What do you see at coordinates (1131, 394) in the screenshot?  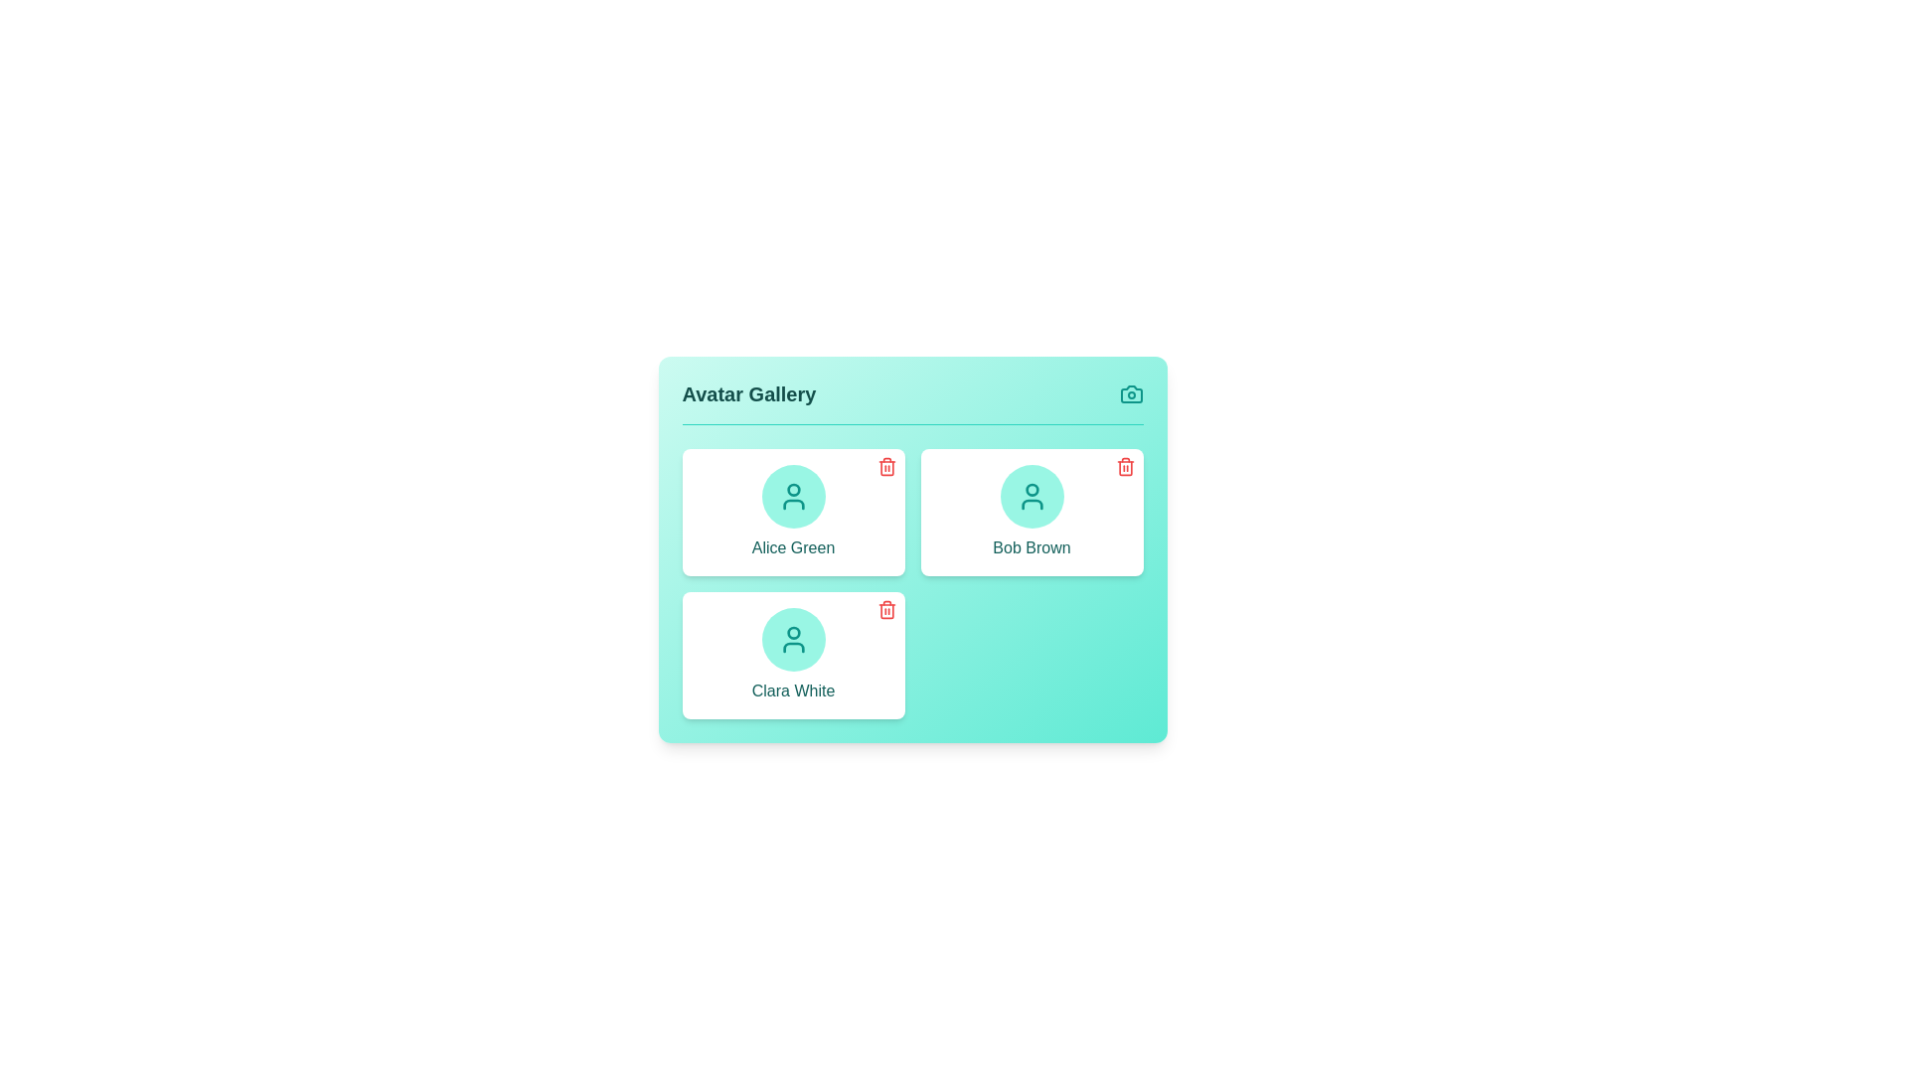 I see `the camera icon located at the top-right corner of the teal card titled 'Avatar Gallery'` at bounding box center [1131, 394].